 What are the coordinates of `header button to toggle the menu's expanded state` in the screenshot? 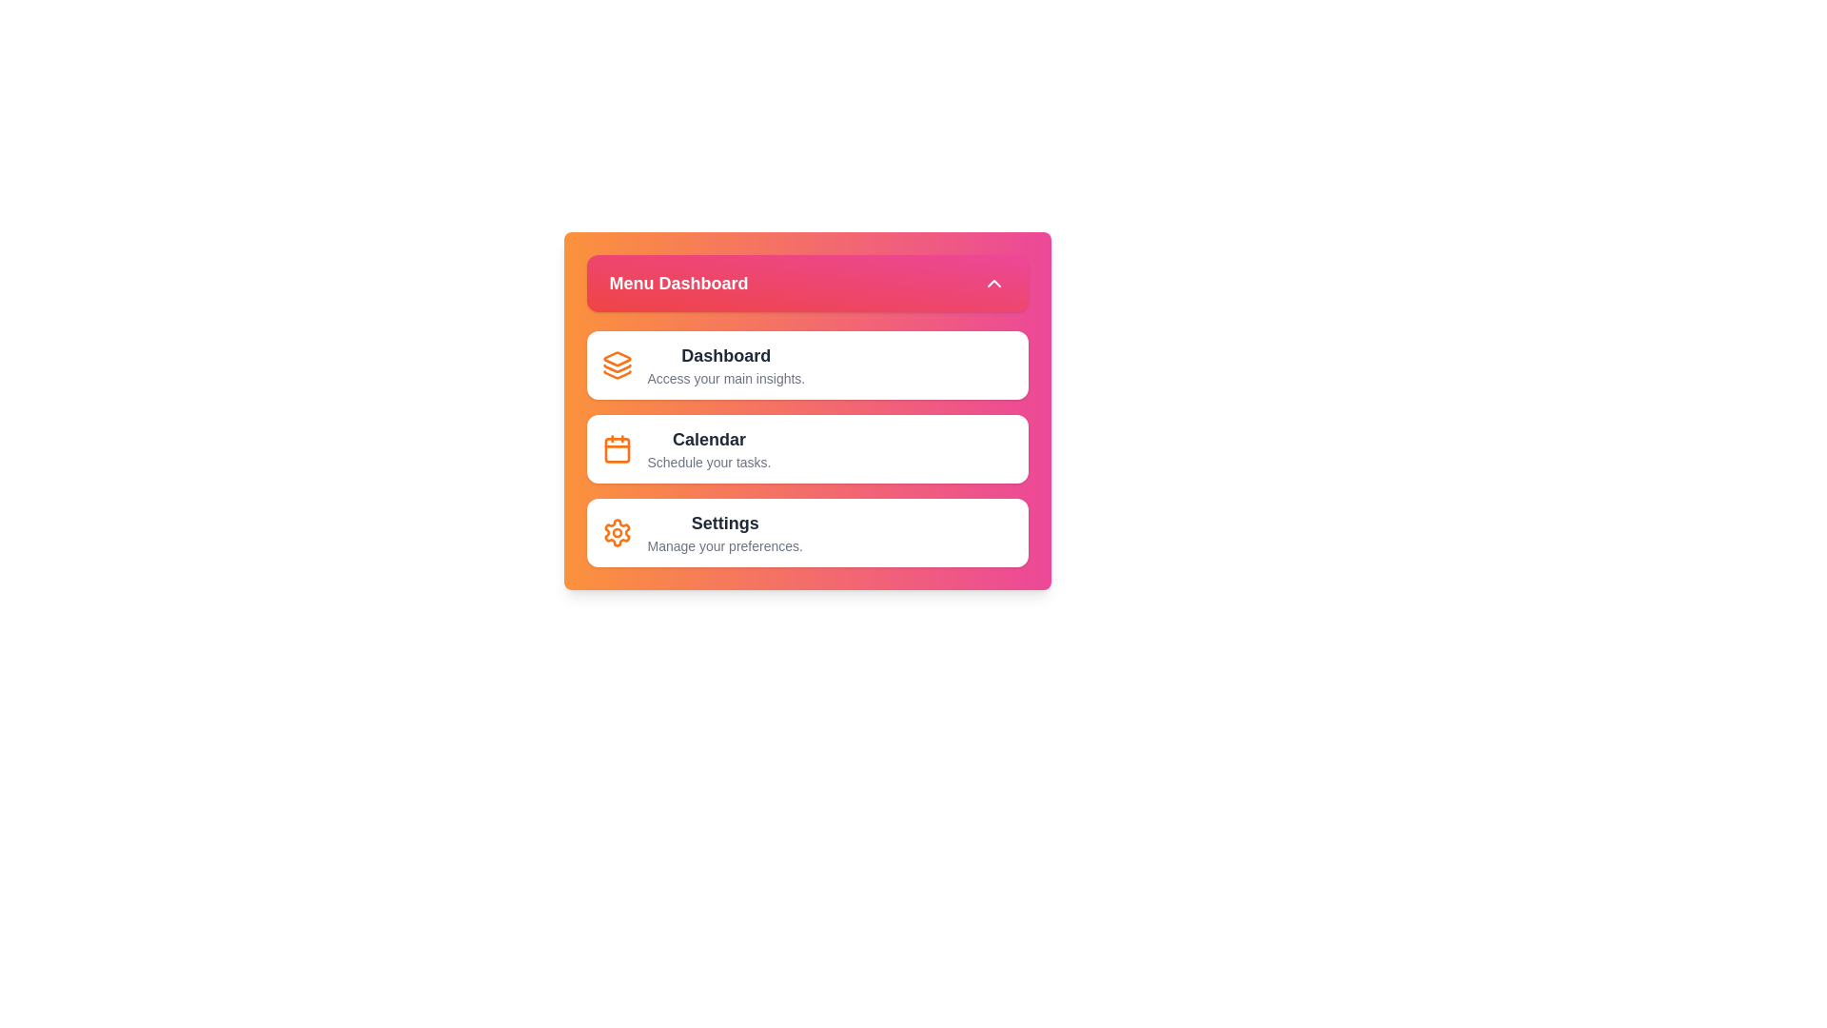 It's located at (807, 283).